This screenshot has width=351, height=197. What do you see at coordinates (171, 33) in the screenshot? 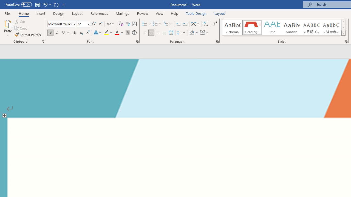
I see `'Distributed'` at bounding box center [171, 33].